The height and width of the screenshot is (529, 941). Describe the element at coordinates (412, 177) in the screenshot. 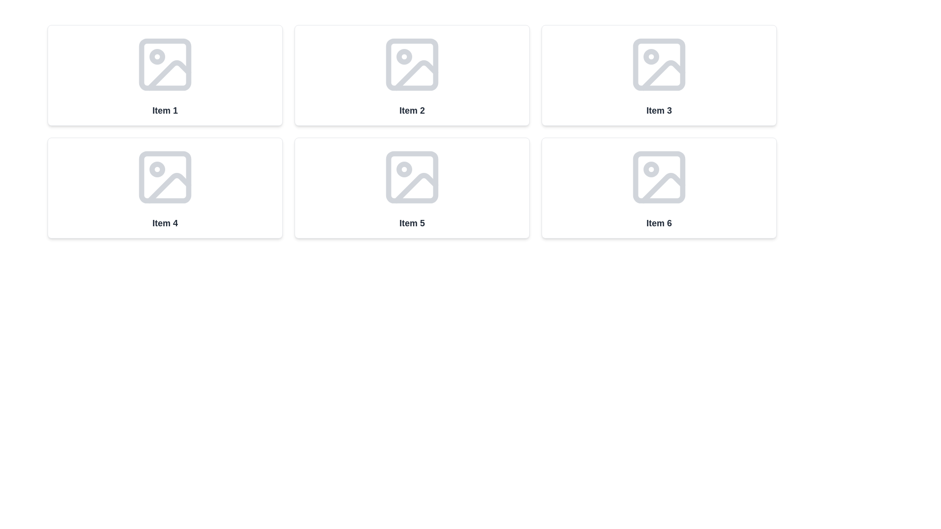

I see `the primary SVG icon resembling an 'image' placeholder located in the upper section of the card labeled 'Item 5'` at that location.